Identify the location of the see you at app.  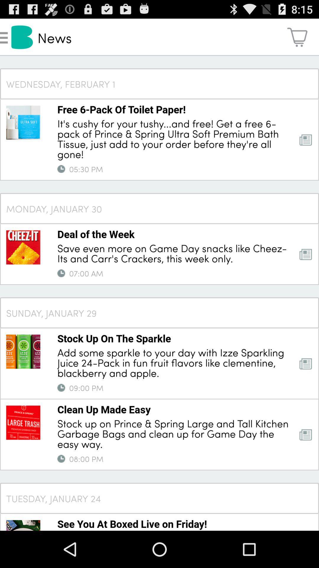
(132, 524).